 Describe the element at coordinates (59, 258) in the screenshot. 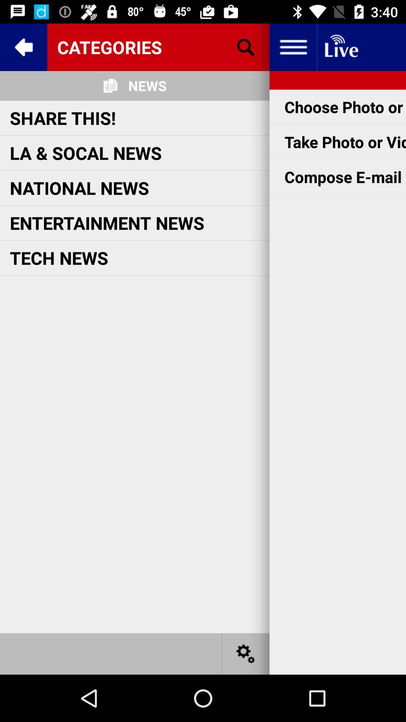

I see `the tech news item` at that location.